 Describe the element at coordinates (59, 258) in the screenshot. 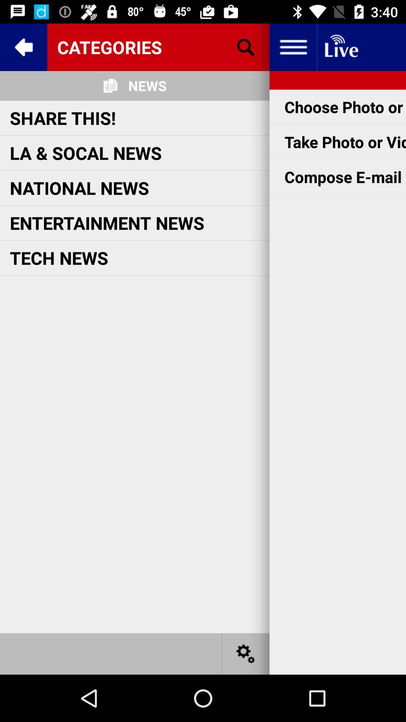

I see `the tech news item` at that location.